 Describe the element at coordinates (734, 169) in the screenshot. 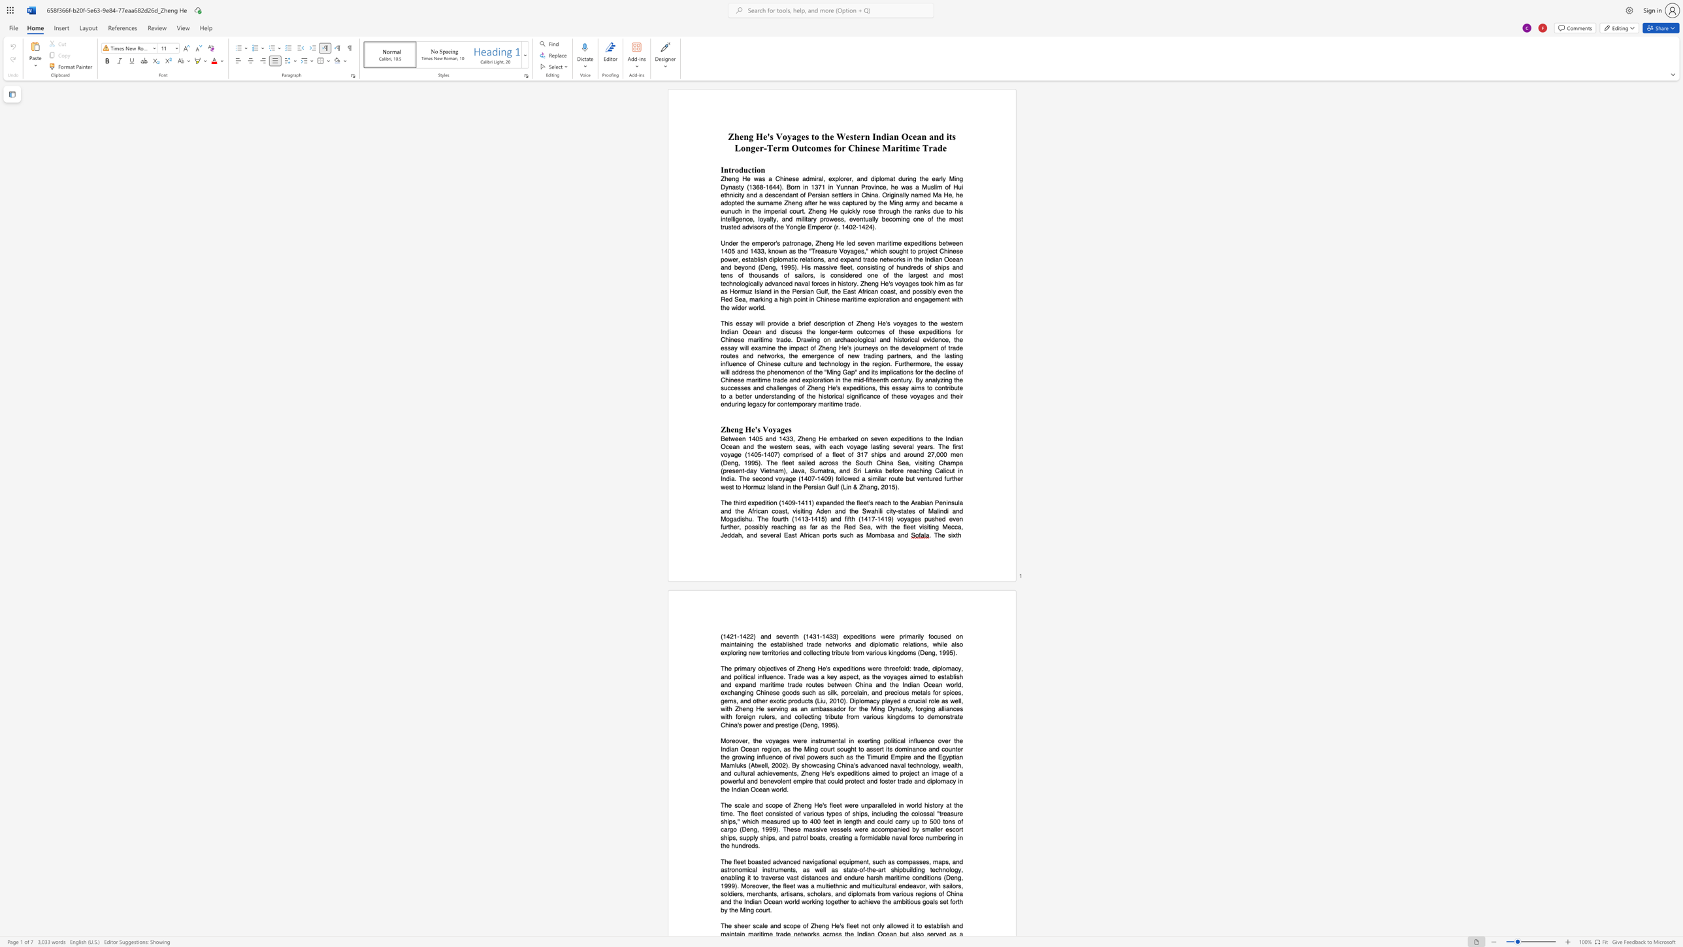

I see `the space between the continuous character "r" and "o" in the text` at that location.